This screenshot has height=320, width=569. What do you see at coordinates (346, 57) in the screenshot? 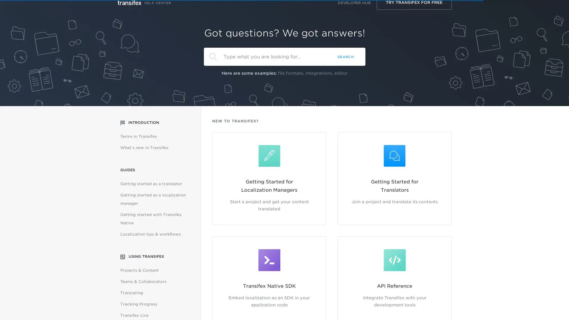
I see `SEARCH` at bounding box center [346, 57].